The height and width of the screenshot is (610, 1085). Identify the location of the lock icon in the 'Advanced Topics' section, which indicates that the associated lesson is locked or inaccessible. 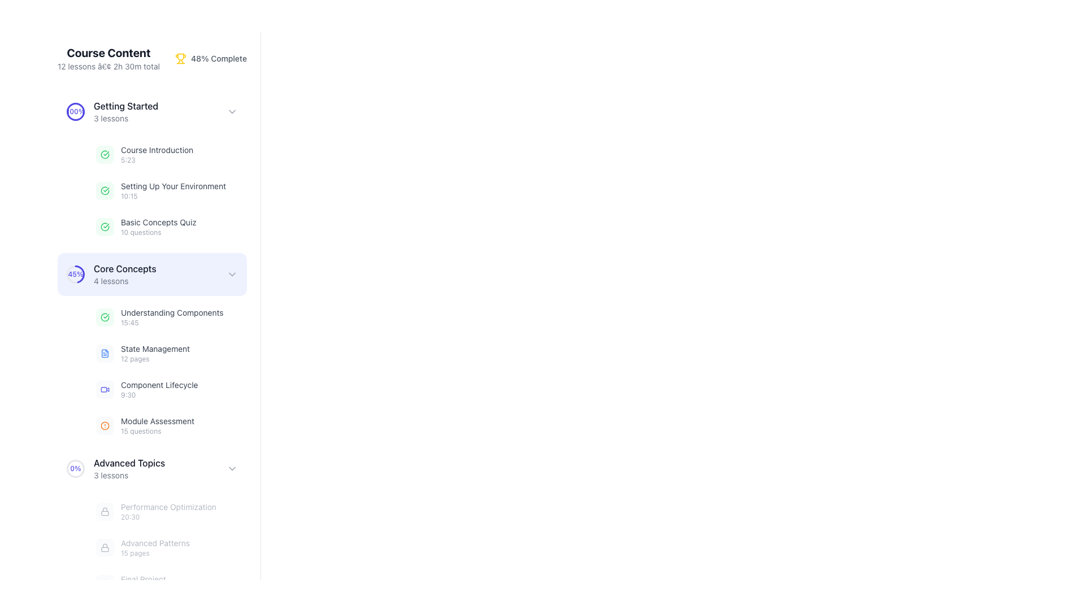
(105, 512).